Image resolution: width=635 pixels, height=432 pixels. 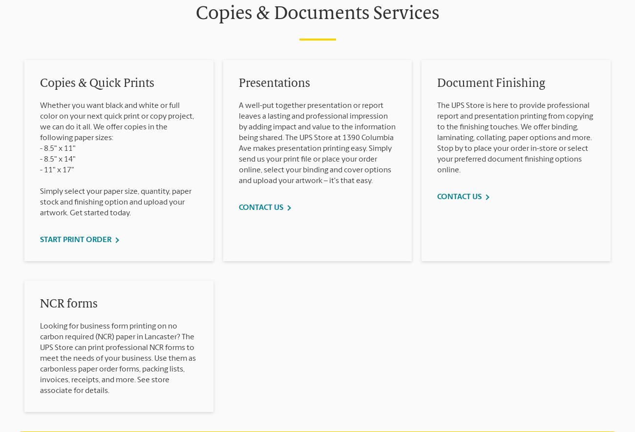 I want to click on 'Copies & Documents Services', so click(x=317, y=14).